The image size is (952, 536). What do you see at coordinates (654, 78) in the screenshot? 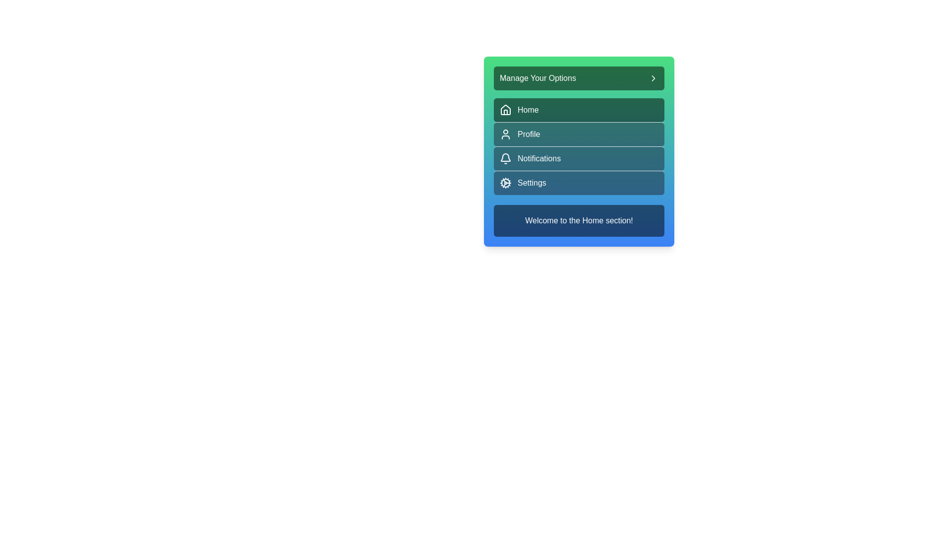
I see `the chevron-right icon located at the far right of the header labeled 'Manage Your Options'` at bounding box center [654, 78].